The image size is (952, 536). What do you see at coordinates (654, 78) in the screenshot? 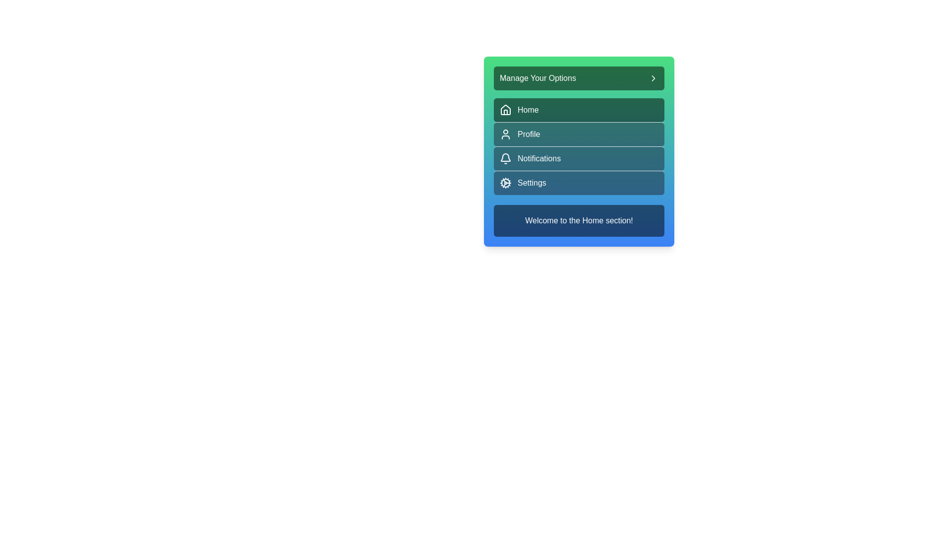
I see `the chevron-right icon located at the far right of the header labeled 'Manage Your Options'` at bounding box center [654, 78].